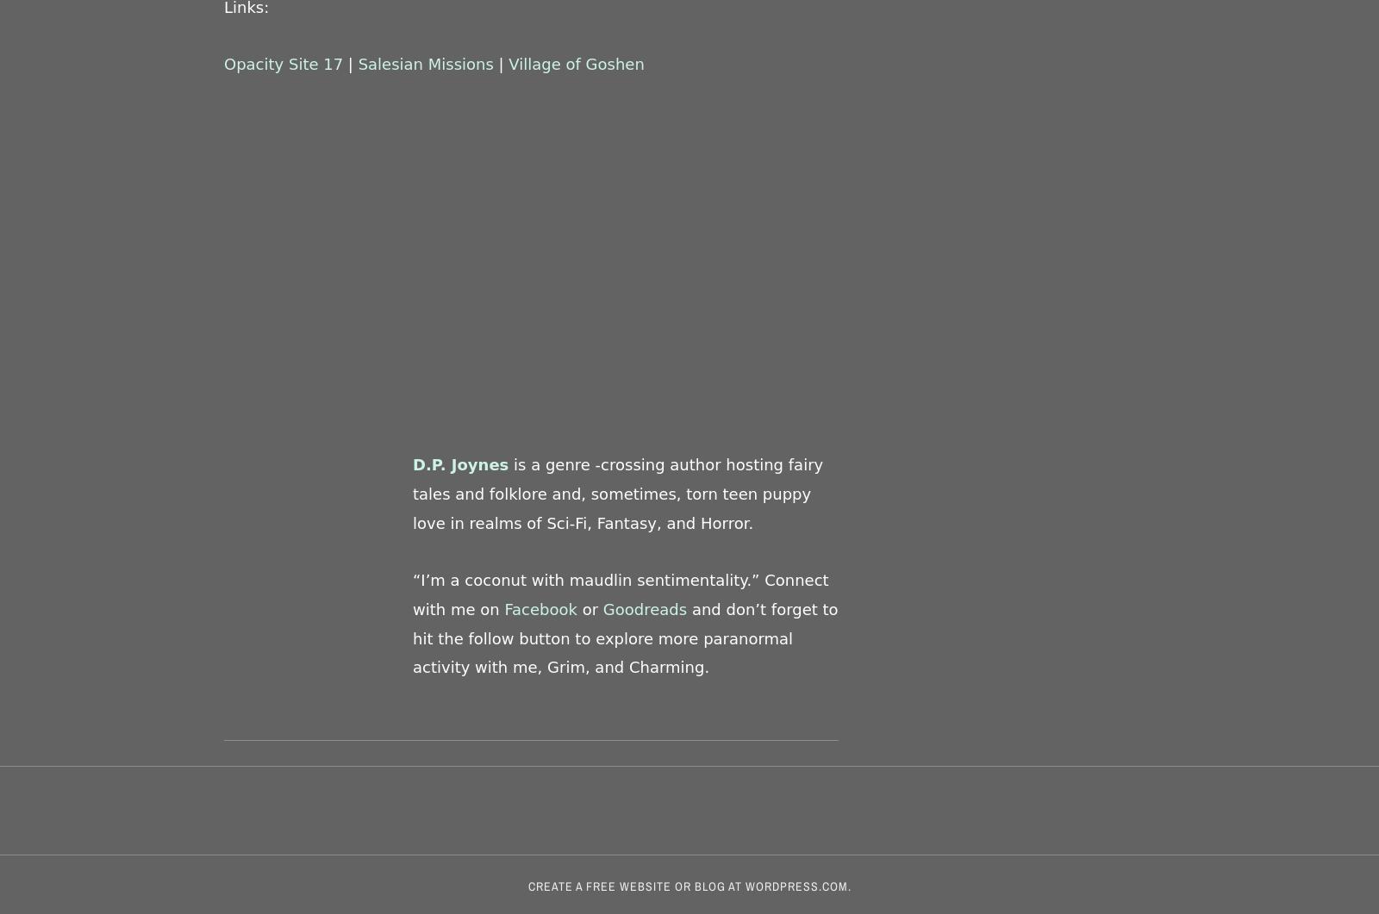  I want to click on 'Facebook', so click(542, 607).